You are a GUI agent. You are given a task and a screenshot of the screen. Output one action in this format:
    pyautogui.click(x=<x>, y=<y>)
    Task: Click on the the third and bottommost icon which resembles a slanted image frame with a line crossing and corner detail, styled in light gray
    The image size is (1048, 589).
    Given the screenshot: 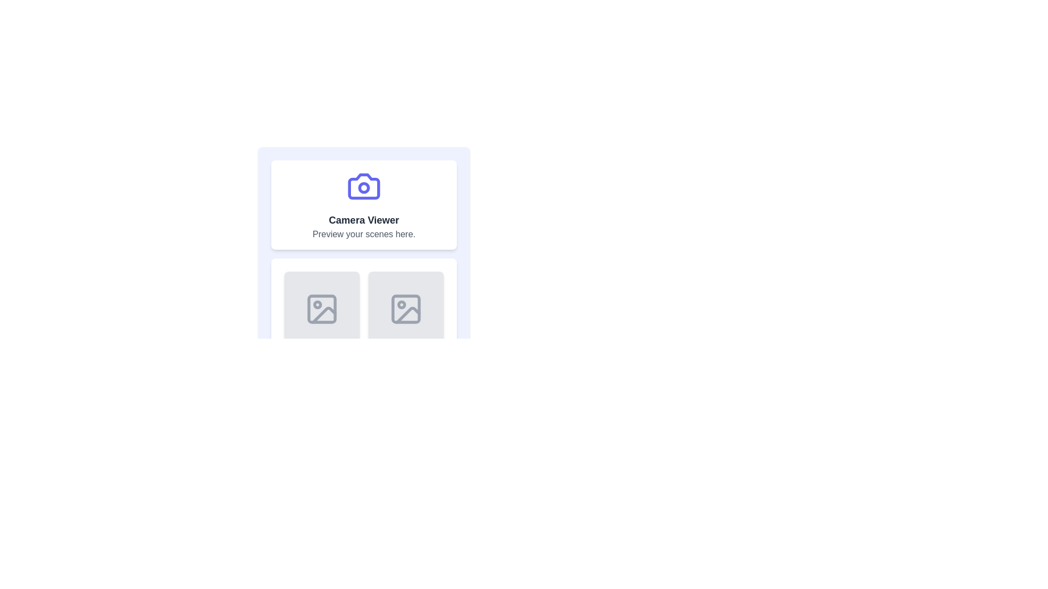 What is the action you would take?
    pyautogui.click(x=408, y=315)
    